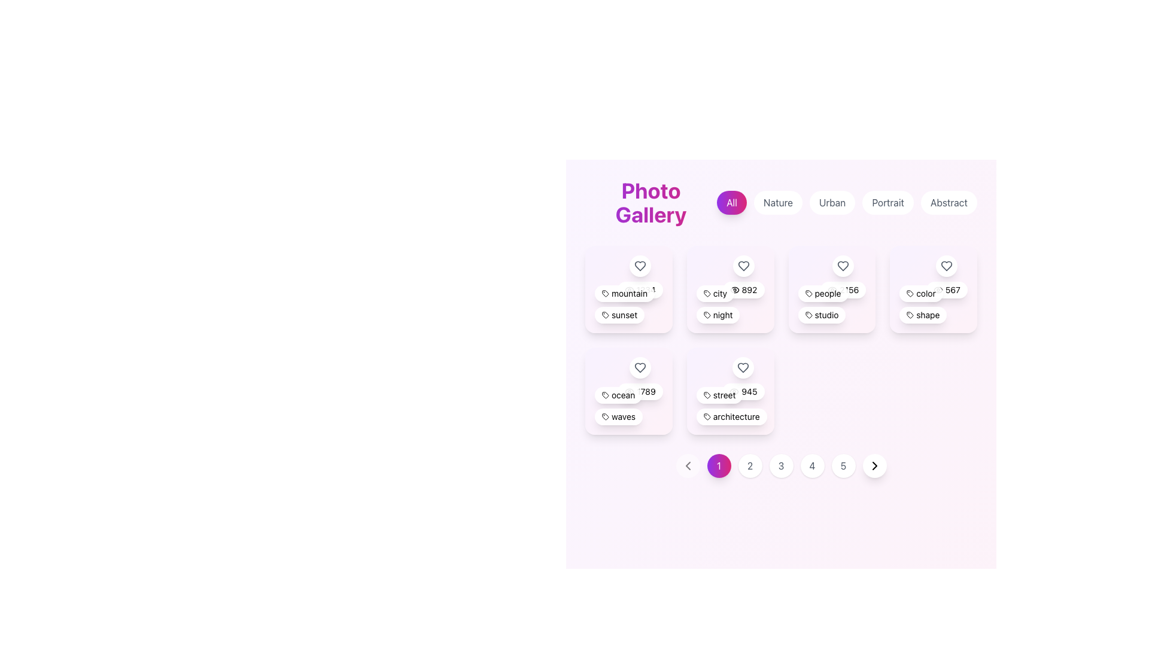 The image size is (1149, 646). I want to click on the second pagination button, so click(749, 465).